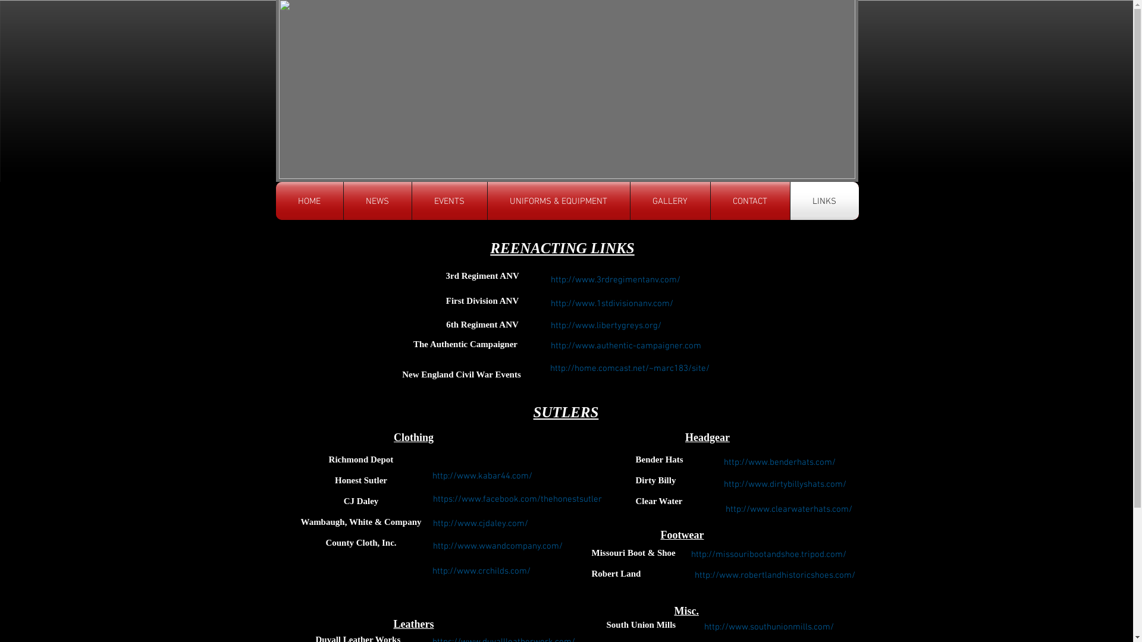  I want to click on 'UNIFORMS & EQUIPMENT', so click(558, 200).